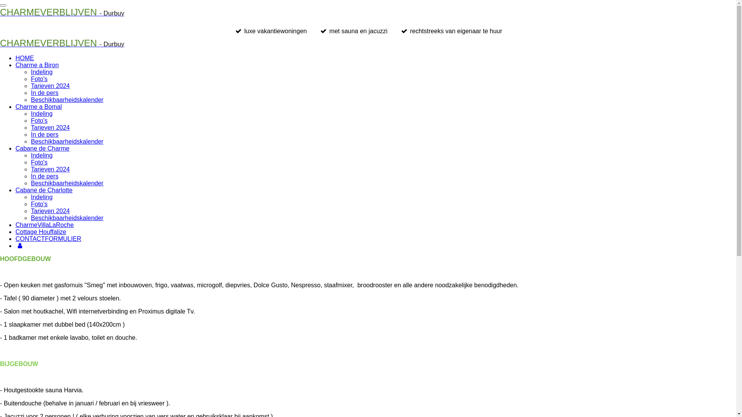 This screenshot has width=742, height=417. I want to click on 'Tarieven 2024', so click(50, 86).